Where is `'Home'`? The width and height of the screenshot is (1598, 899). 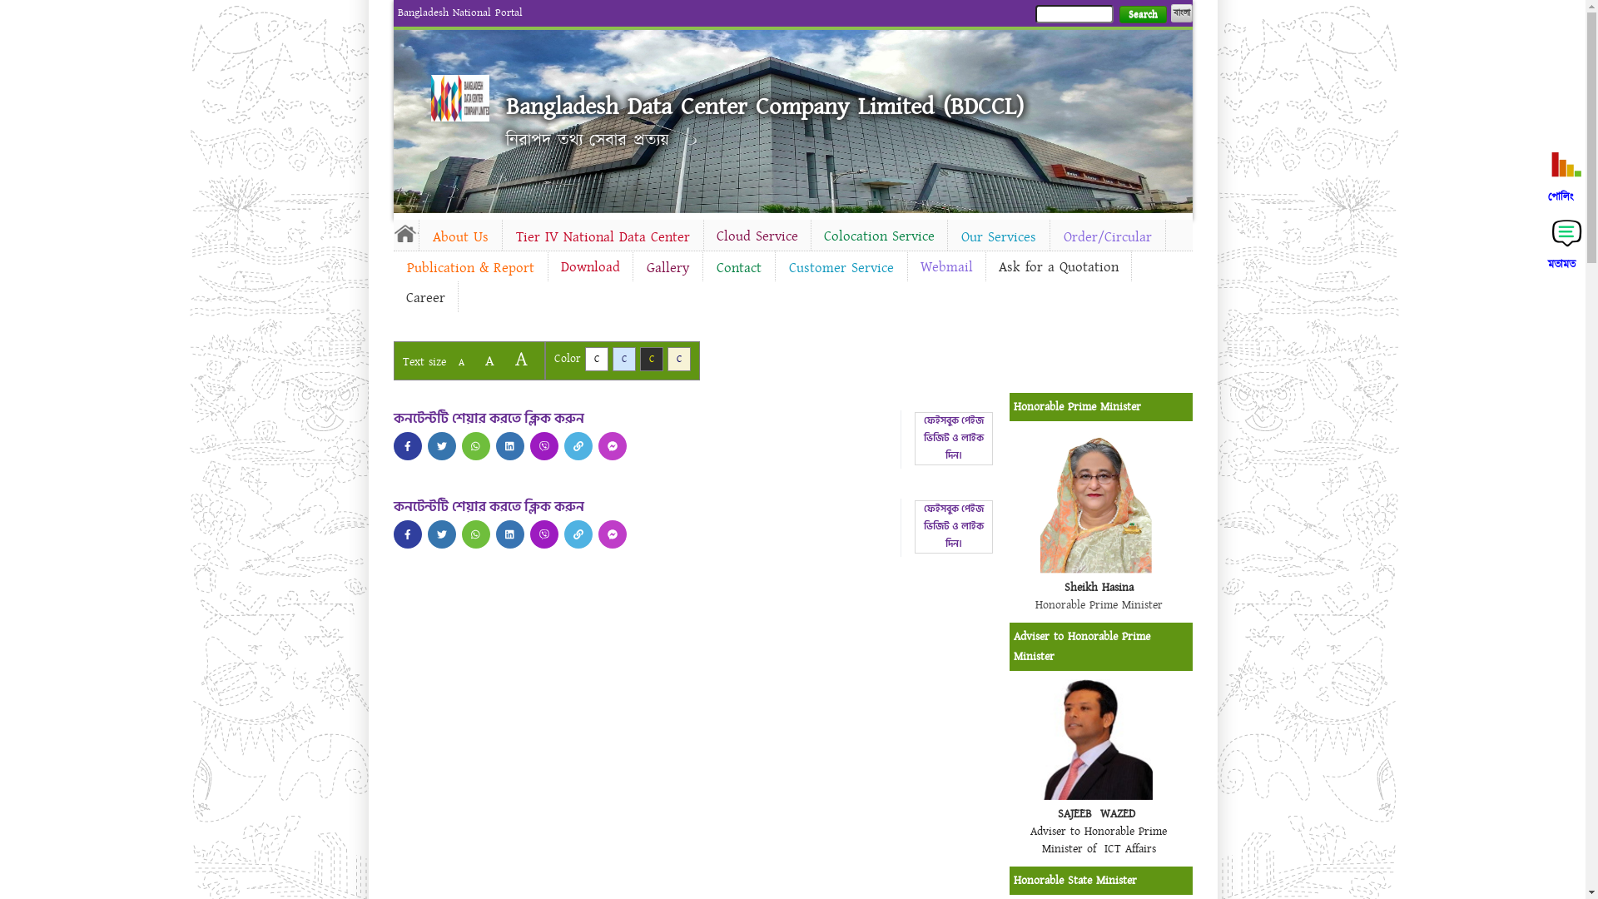
'Home' is located at coordinates (431, 98).